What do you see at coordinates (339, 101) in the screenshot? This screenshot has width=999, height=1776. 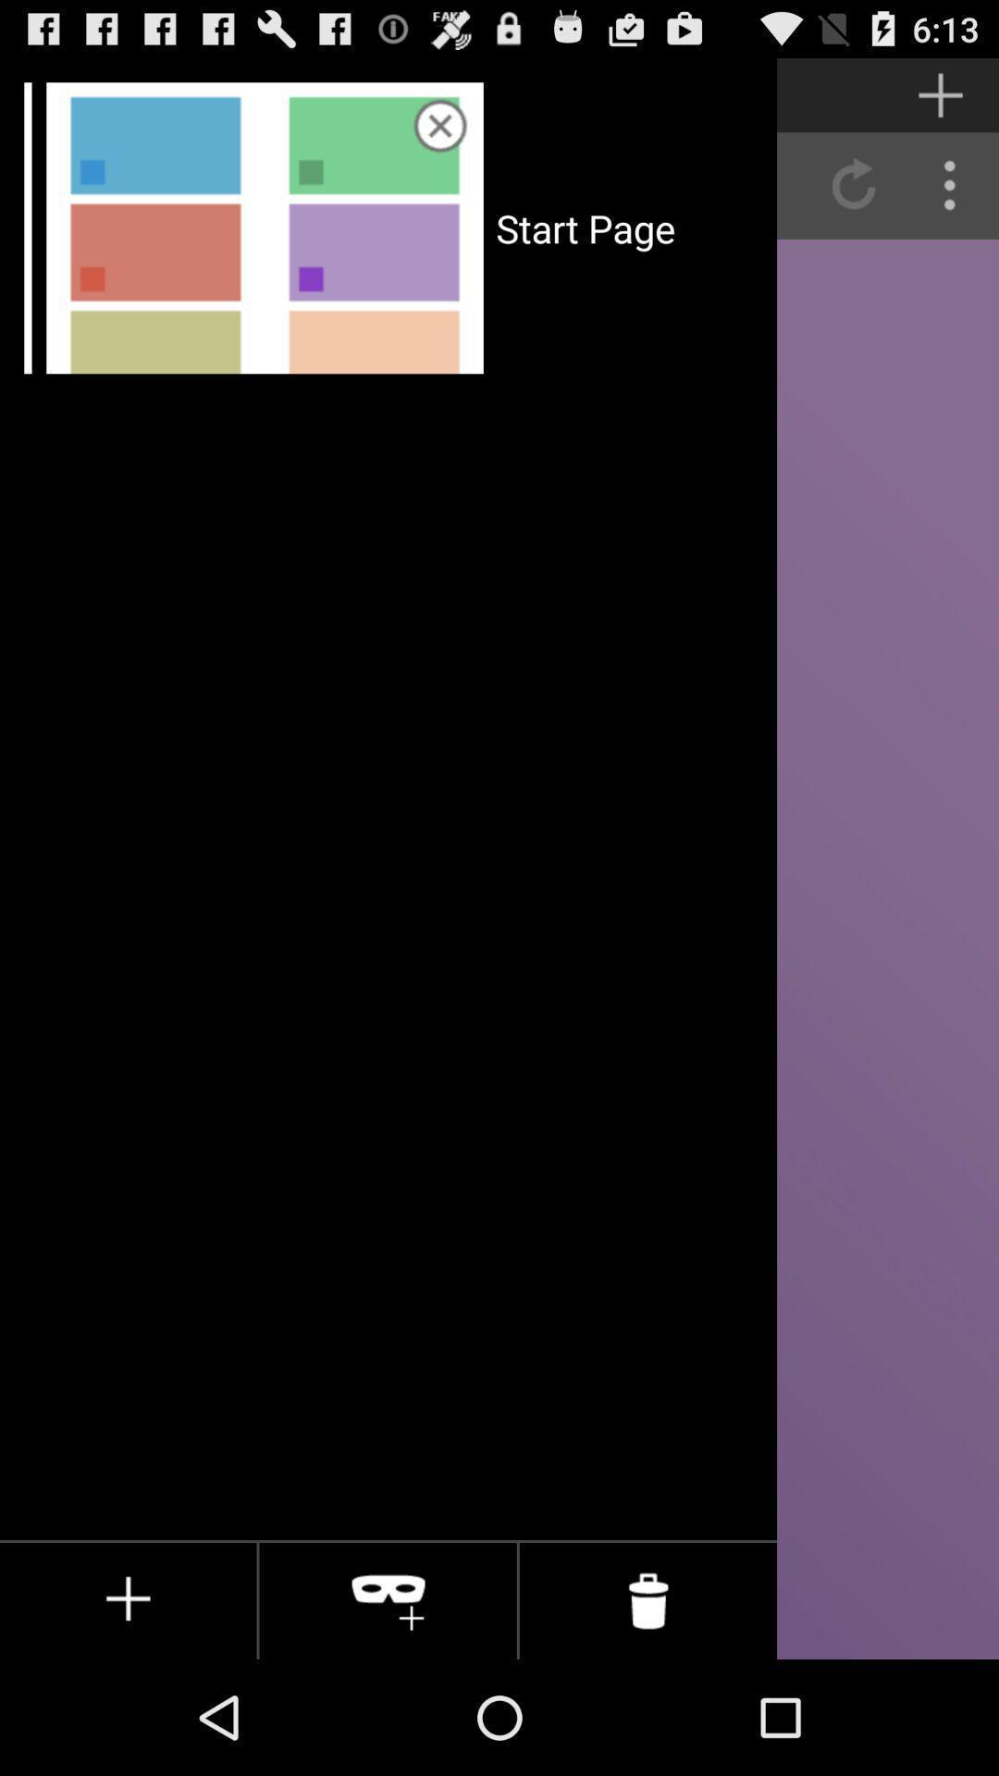 I see `the national_flag icon` at bounding box center [339, 101].